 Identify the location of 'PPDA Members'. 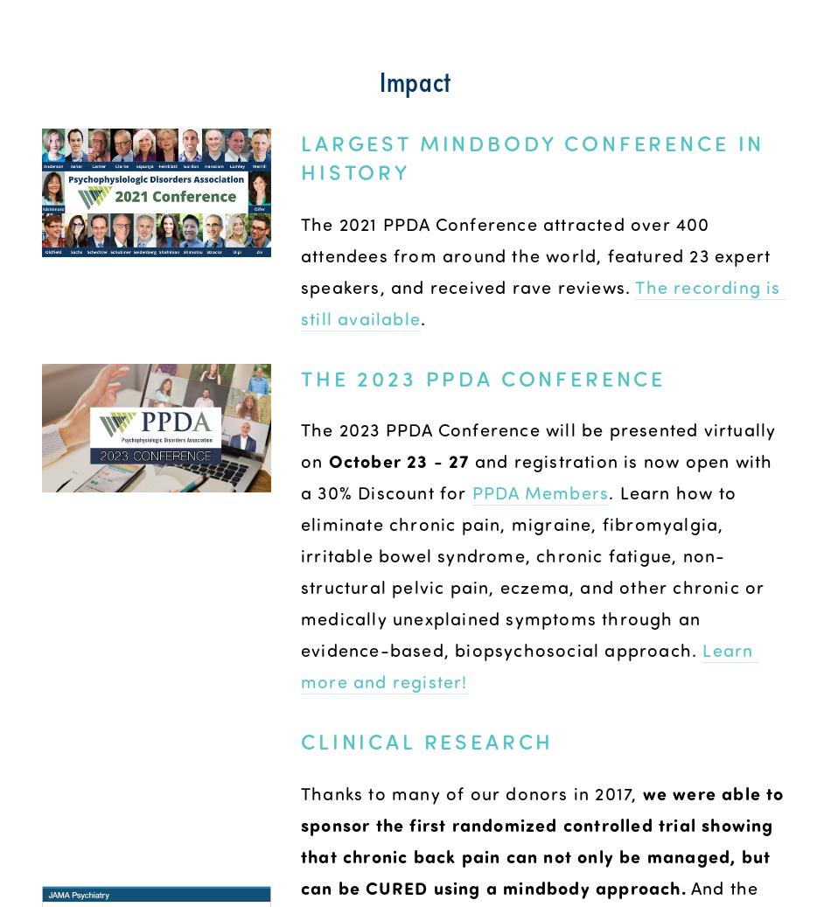
(540, 492).